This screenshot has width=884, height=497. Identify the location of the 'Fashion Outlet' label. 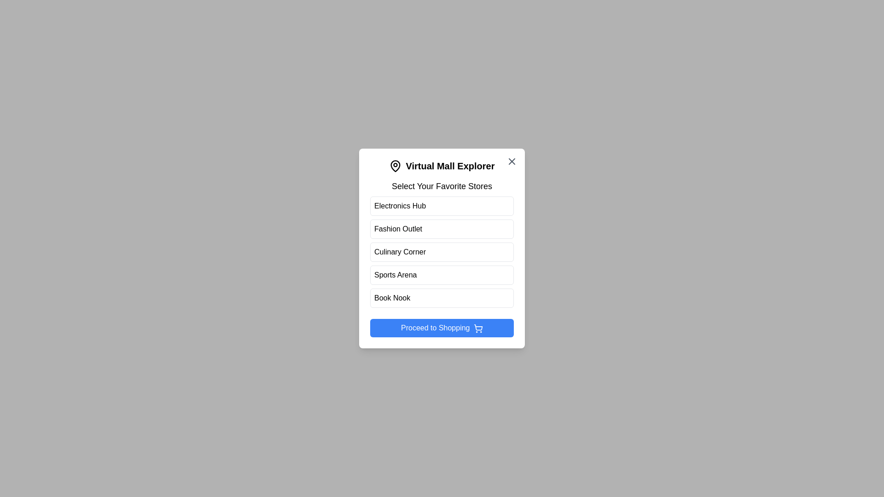
(398, 228).